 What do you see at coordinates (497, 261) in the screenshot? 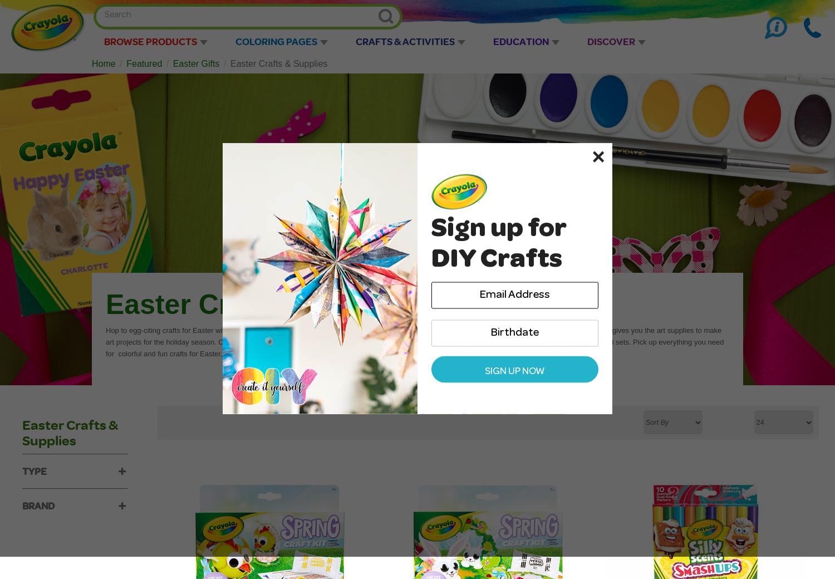
I see `'DIY Crafts'` at bounding box center [497, 261].